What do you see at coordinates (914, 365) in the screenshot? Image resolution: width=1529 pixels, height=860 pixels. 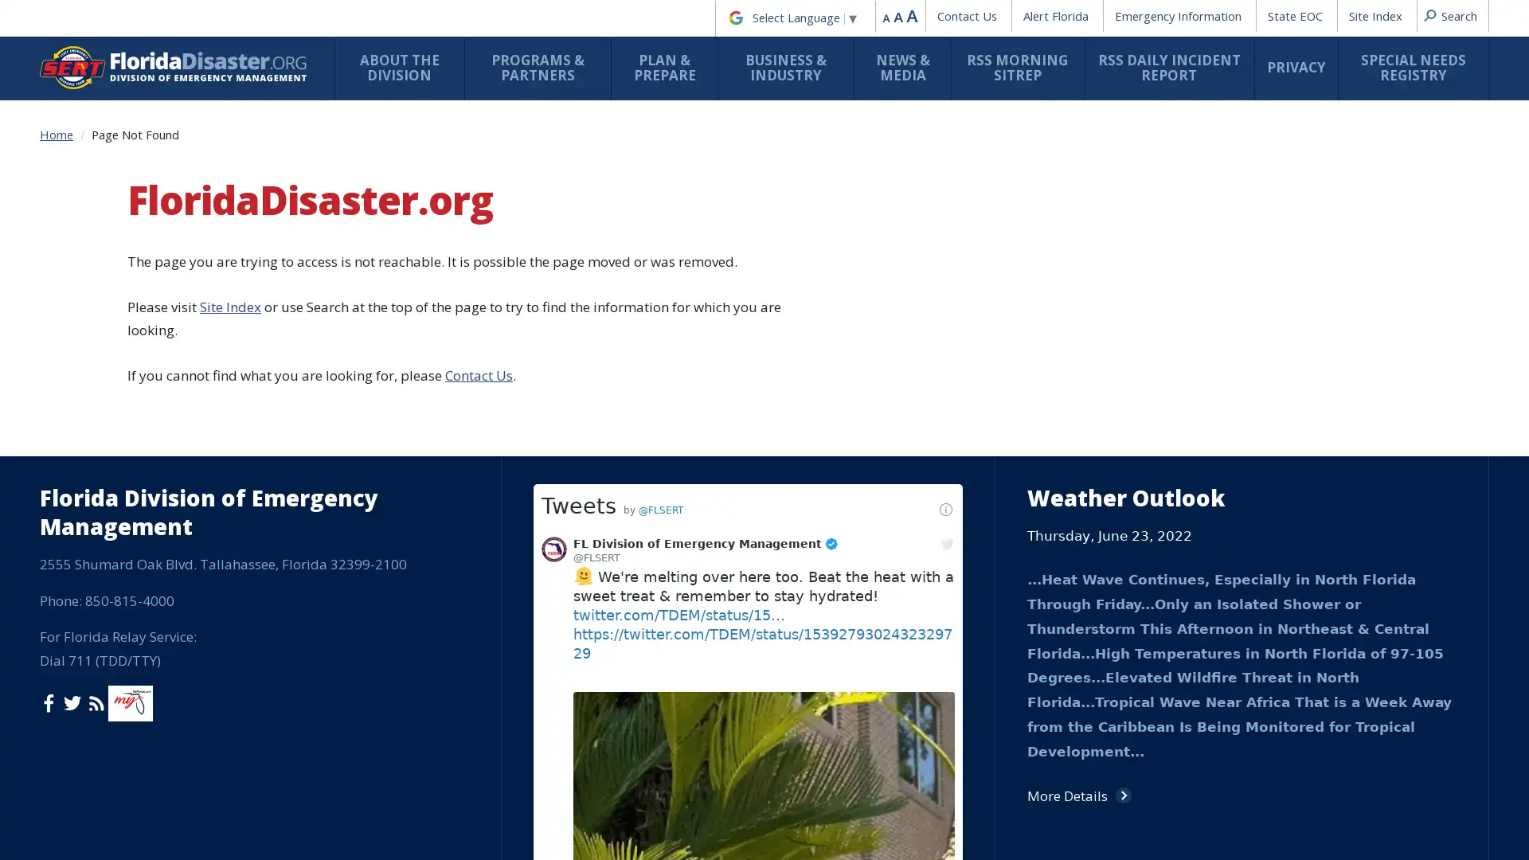 I see `Toggle More` at bounding box center [914, 365].